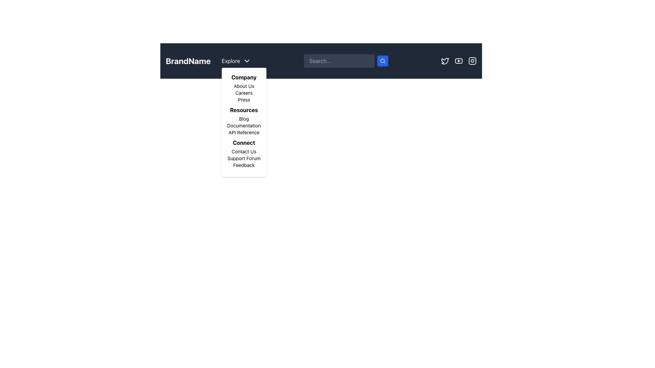 This screenshot has width=655, height=368. Describe the element at coordinates (244, 158) in the screenshot. I see `the second text link in the dropdown menu labeled 'Connect'` at that location.